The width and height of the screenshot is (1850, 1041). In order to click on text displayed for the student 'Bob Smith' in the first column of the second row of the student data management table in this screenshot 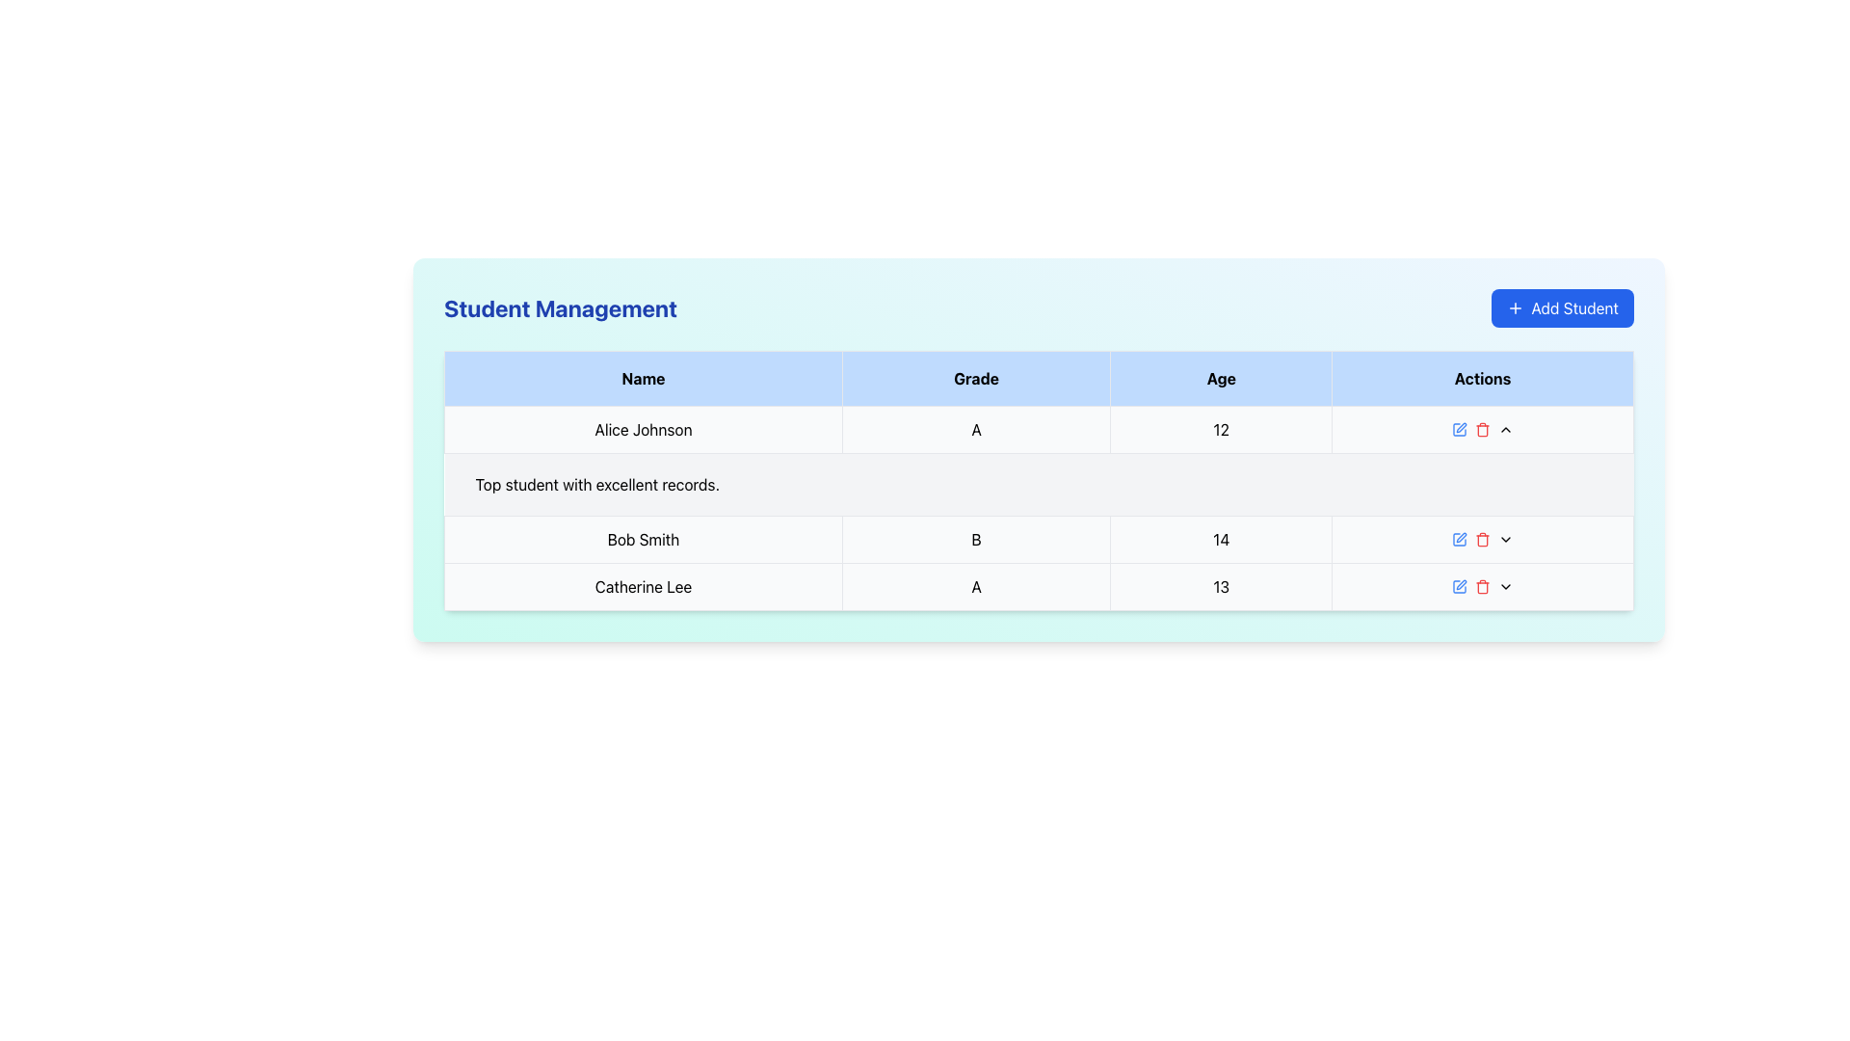, I will do `click(643, 539)`.